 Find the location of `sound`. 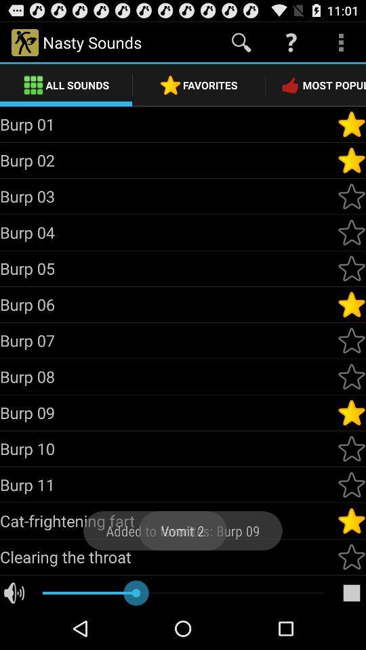

sound is located at coordinates (351, 196).